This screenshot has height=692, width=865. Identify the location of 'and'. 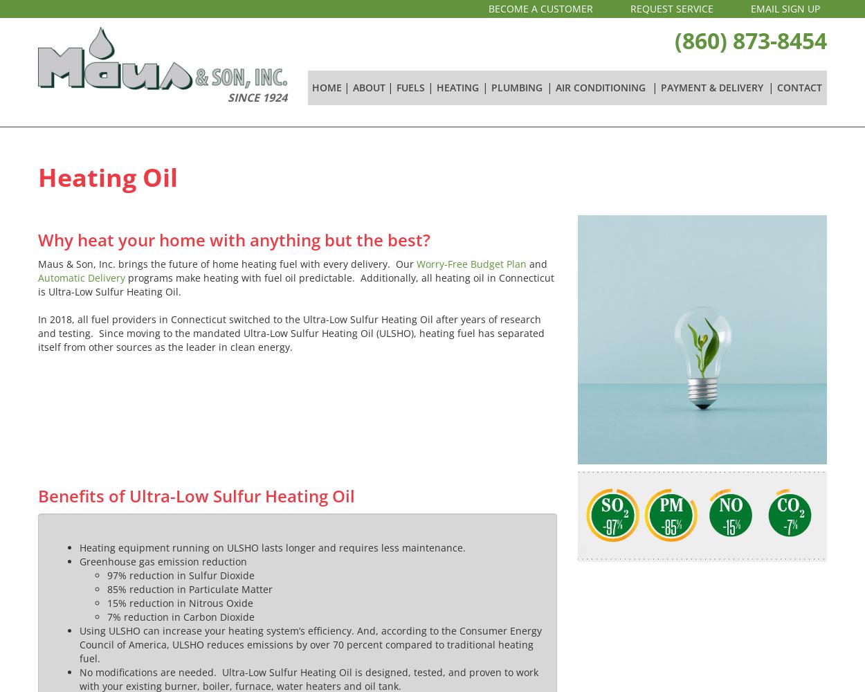
(537, 264).